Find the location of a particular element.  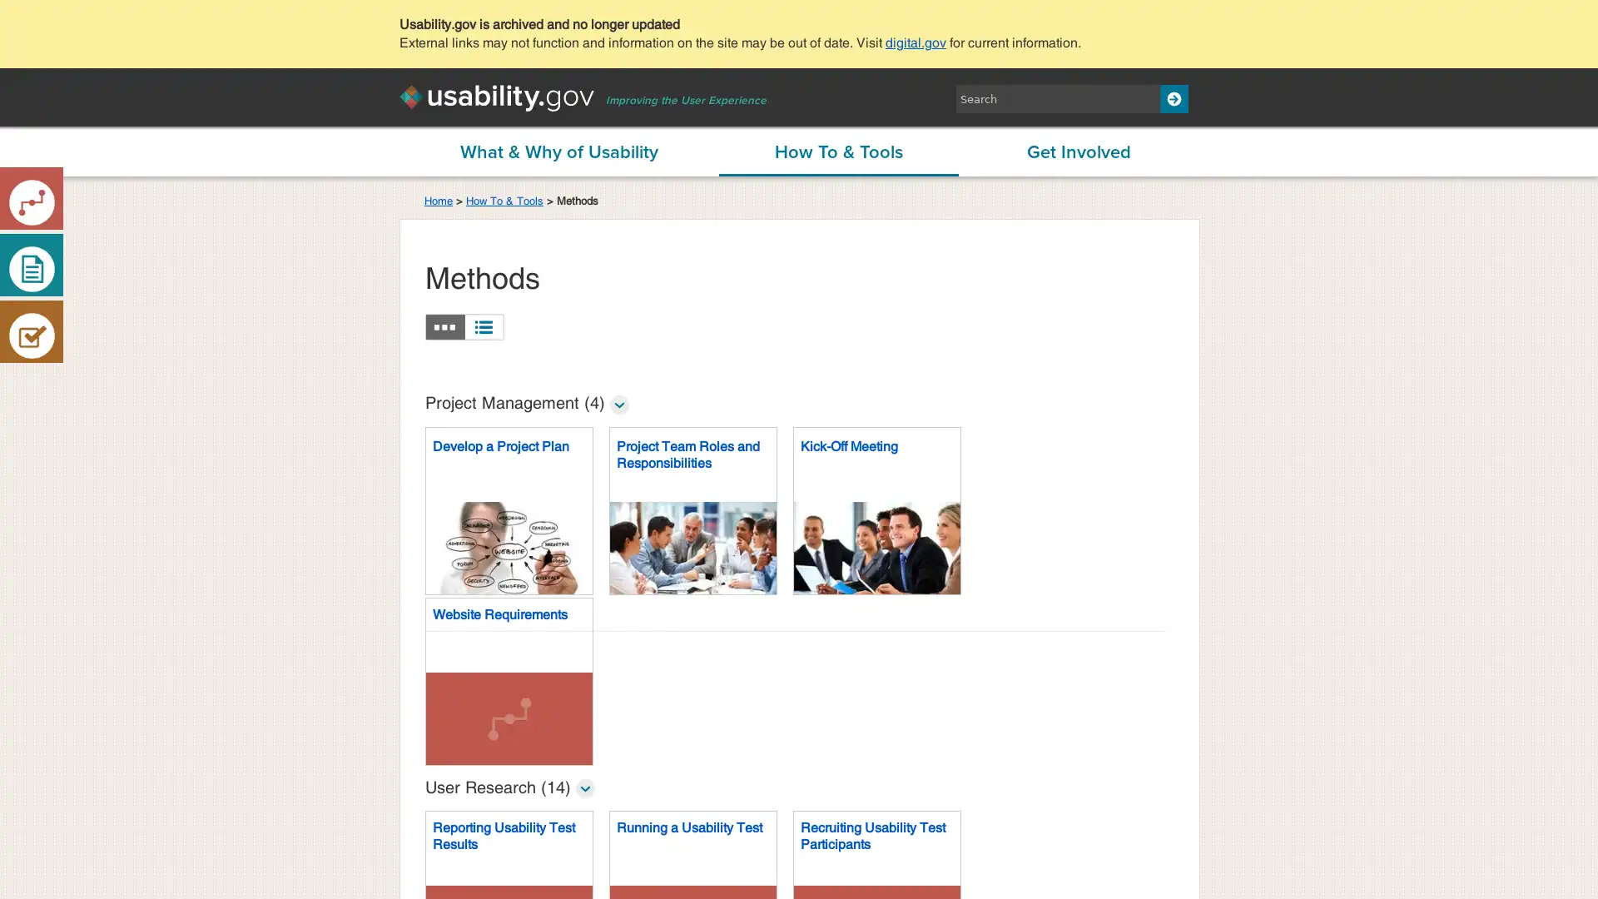

Search is located at coordinates (1174, 99).